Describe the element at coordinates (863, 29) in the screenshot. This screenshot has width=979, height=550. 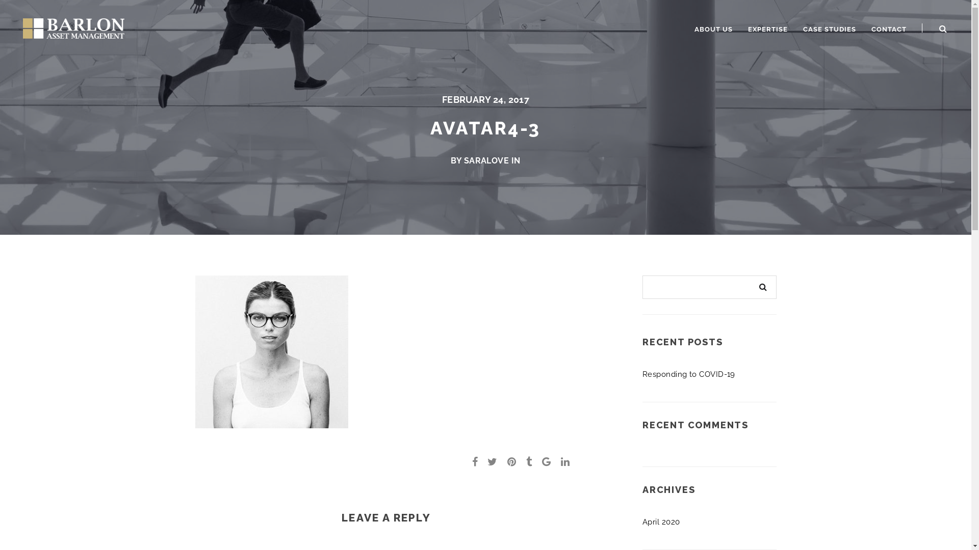
I see `'CONTACT'` at that location.